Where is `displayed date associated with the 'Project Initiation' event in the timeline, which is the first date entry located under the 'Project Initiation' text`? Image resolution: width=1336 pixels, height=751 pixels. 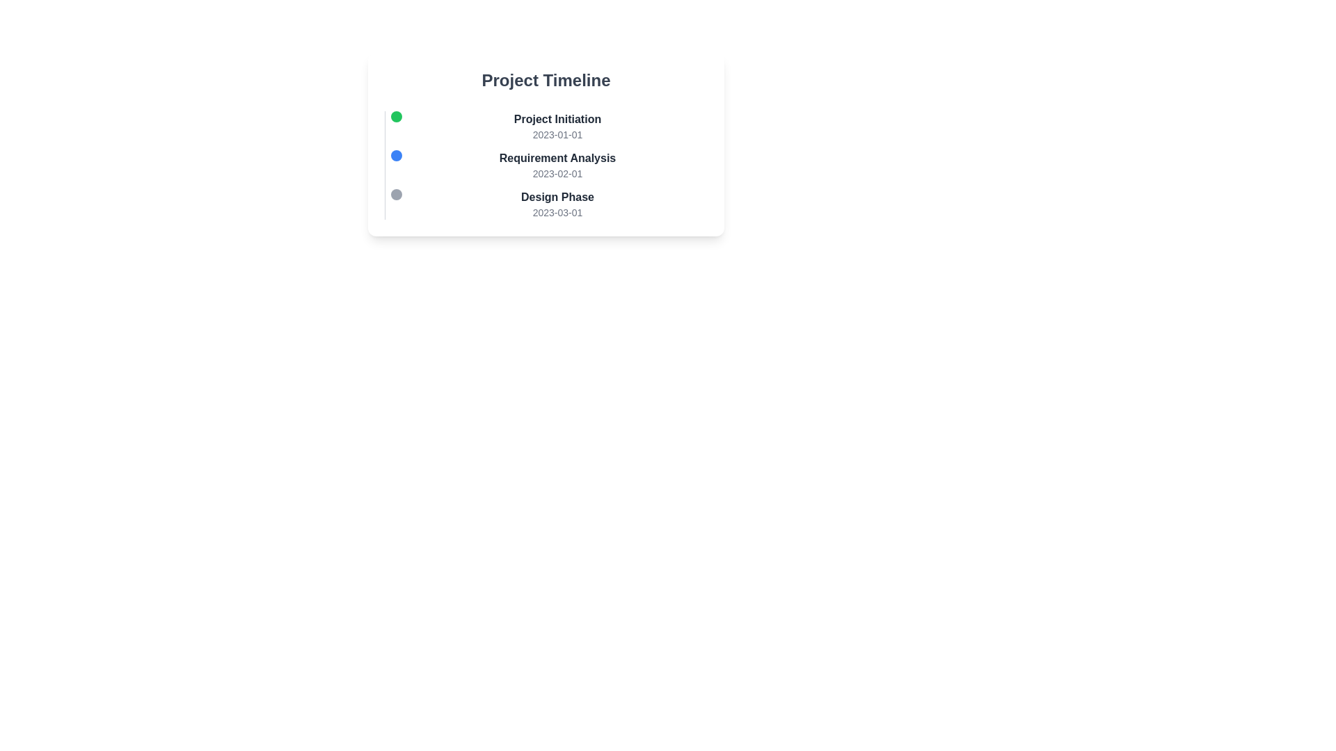
displayed date associated with the 'Project Initiation' event in the timeline, which is the first date entry located under the 'Project Initiation' text is located at coordinates (557, 134).